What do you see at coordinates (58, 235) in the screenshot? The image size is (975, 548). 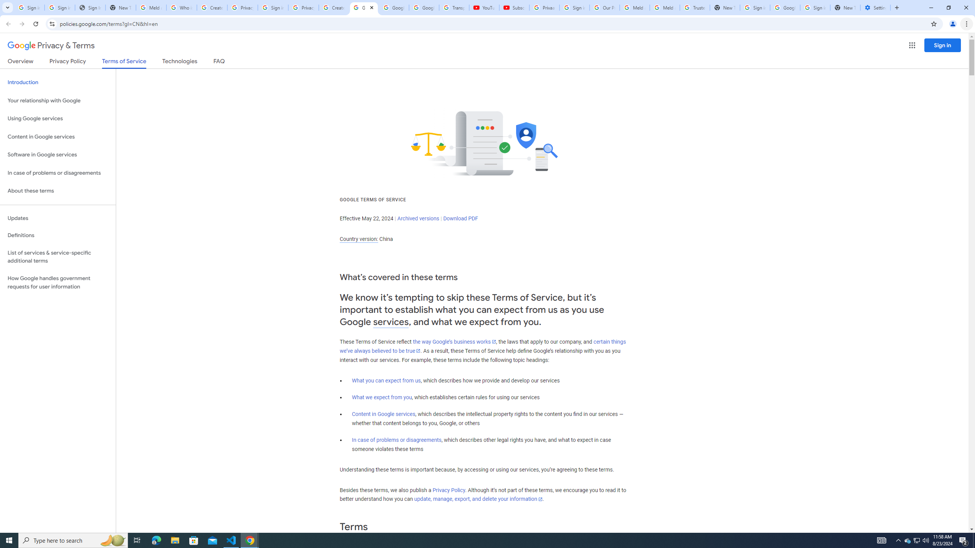 I see `'Definitions'` at bounding box center [58, 235].